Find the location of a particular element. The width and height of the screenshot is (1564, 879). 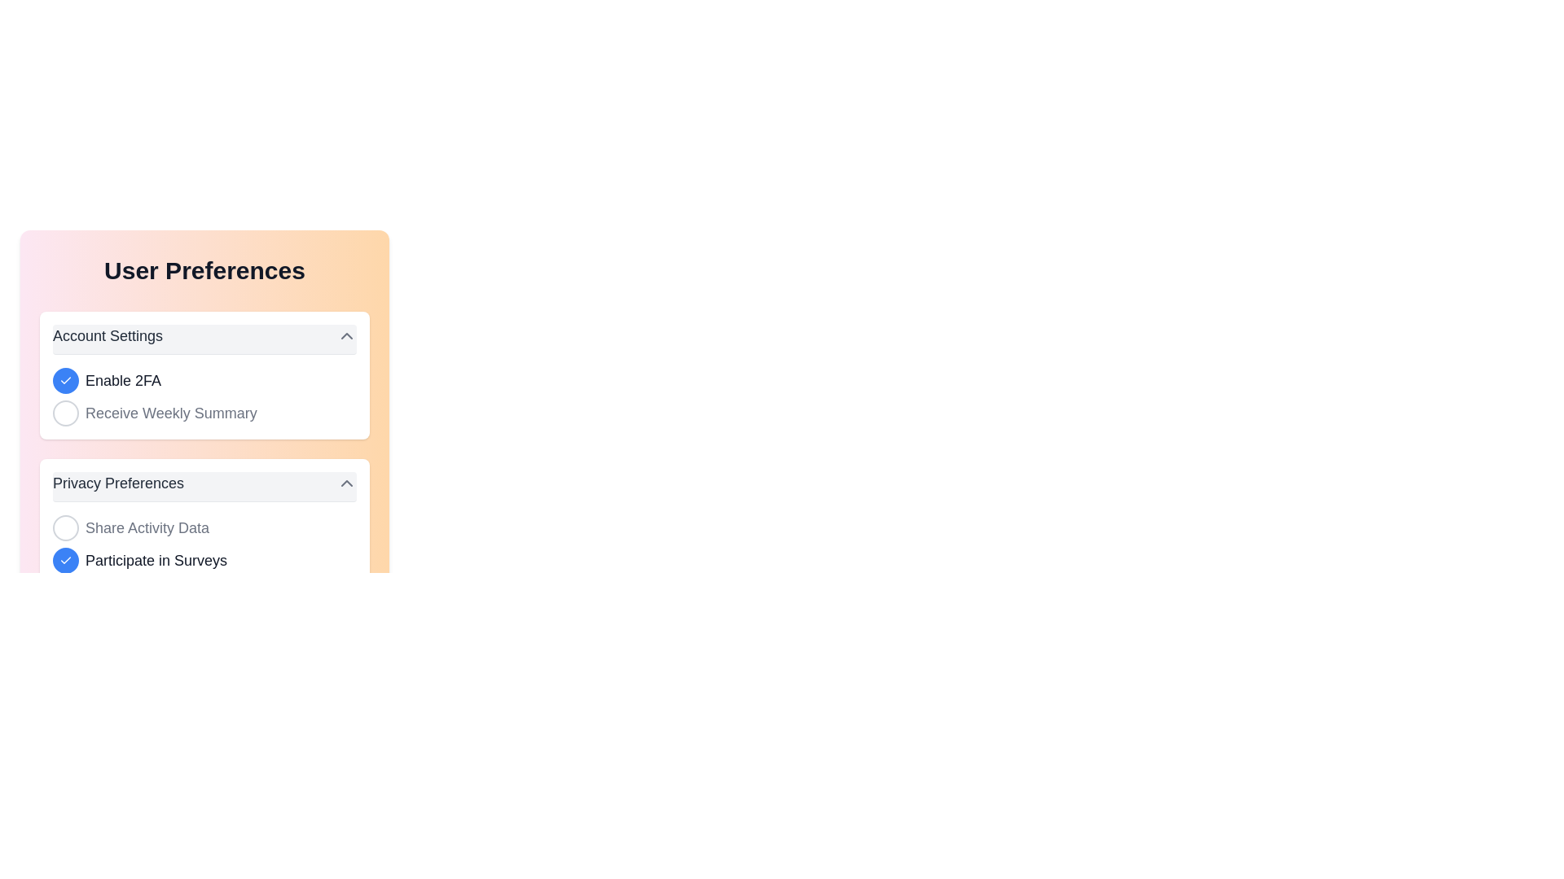

the unfilled circular checkbox labeled 'Share Activity Data' located in the 'Privacy Preferences' section is located at coordinates (204, 527).